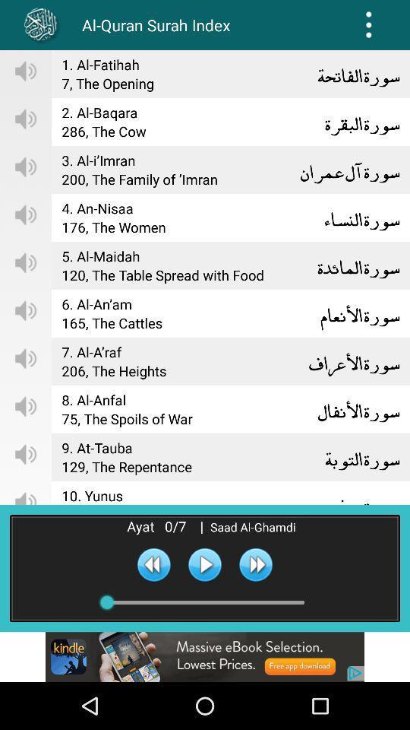 Image resolution: width=410 pixels, height=730 pixels. Describe the element at coordinates (153, 563) in the screenshot. I see `previous option` at that location.